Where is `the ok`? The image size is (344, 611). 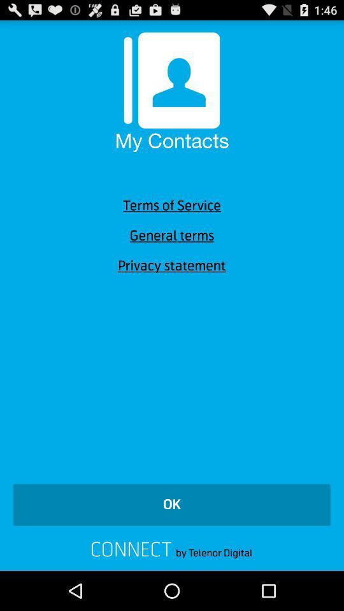
the ok is located at coordinates (172, 505).